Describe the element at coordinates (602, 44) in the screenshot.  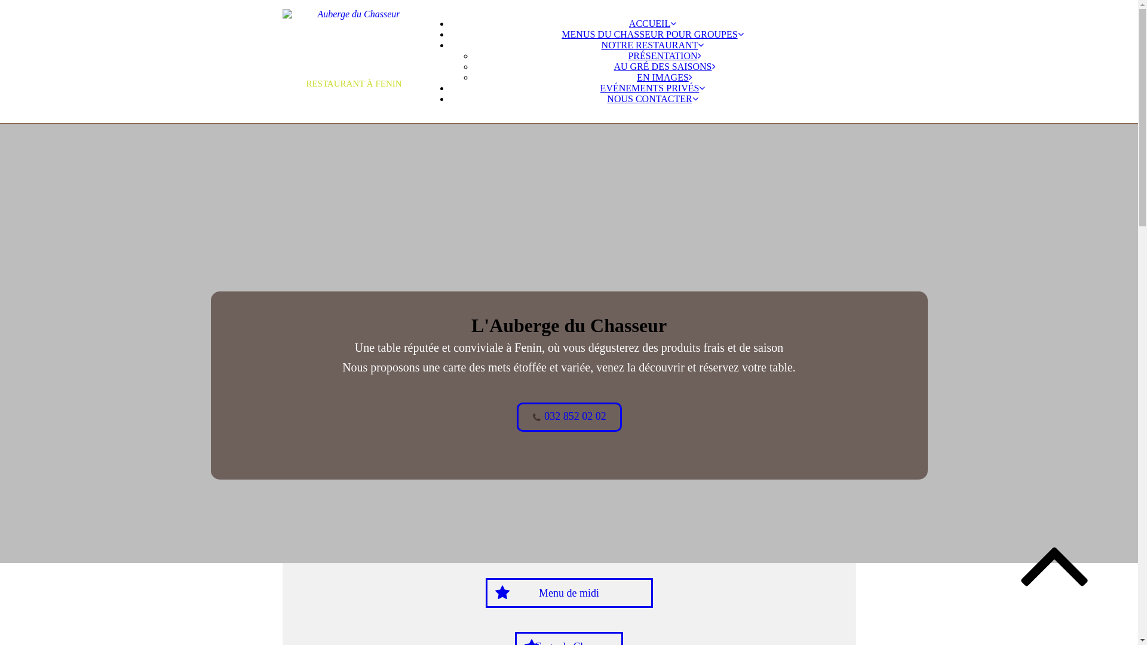
I see `'NOTRE RESTAURANT'` at that location.